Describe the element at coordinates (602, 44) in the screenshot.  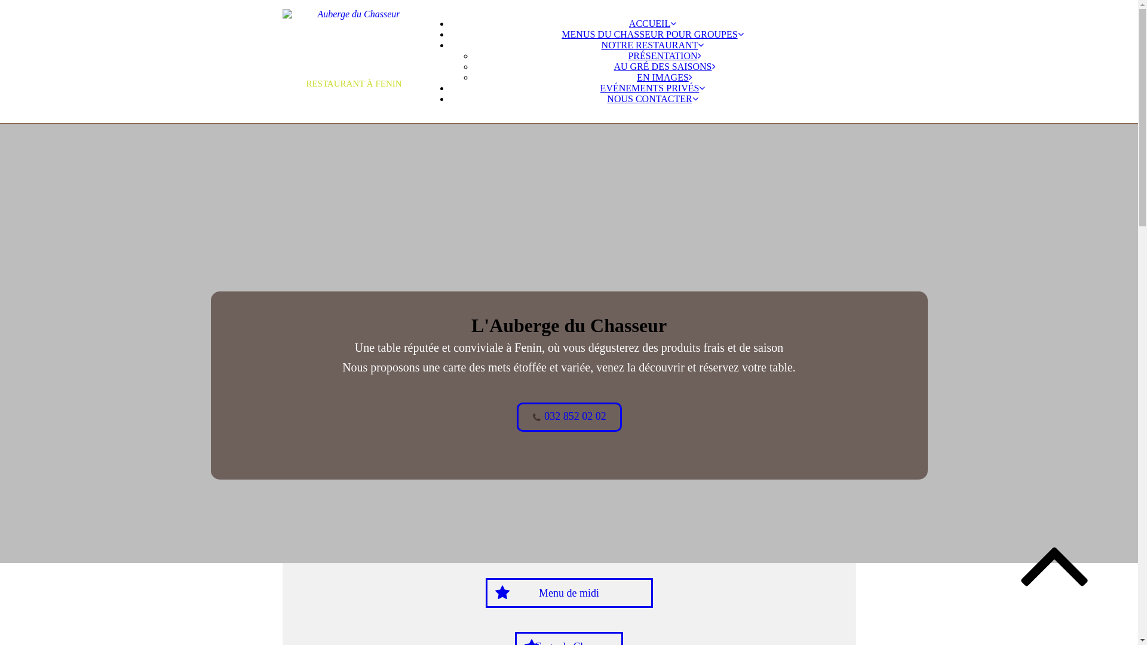
I see `'NOTRE RESTAURANT'` at that location.